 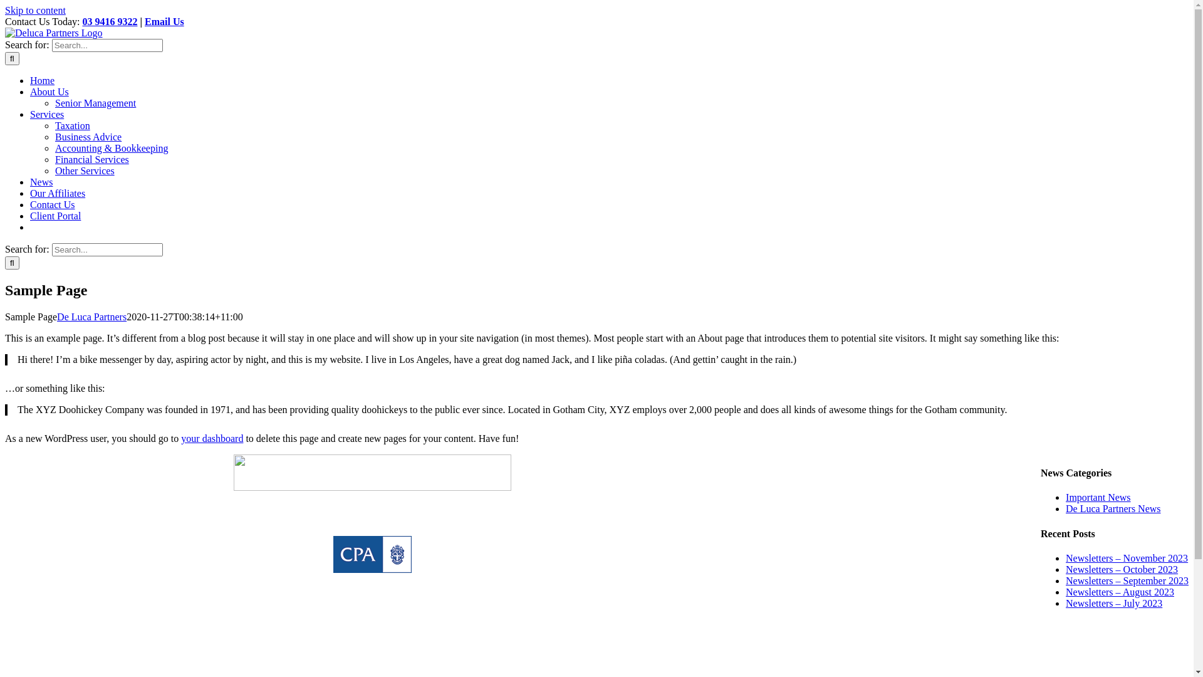 I want to click on 'Skip to content', so click(x=35, y=10).